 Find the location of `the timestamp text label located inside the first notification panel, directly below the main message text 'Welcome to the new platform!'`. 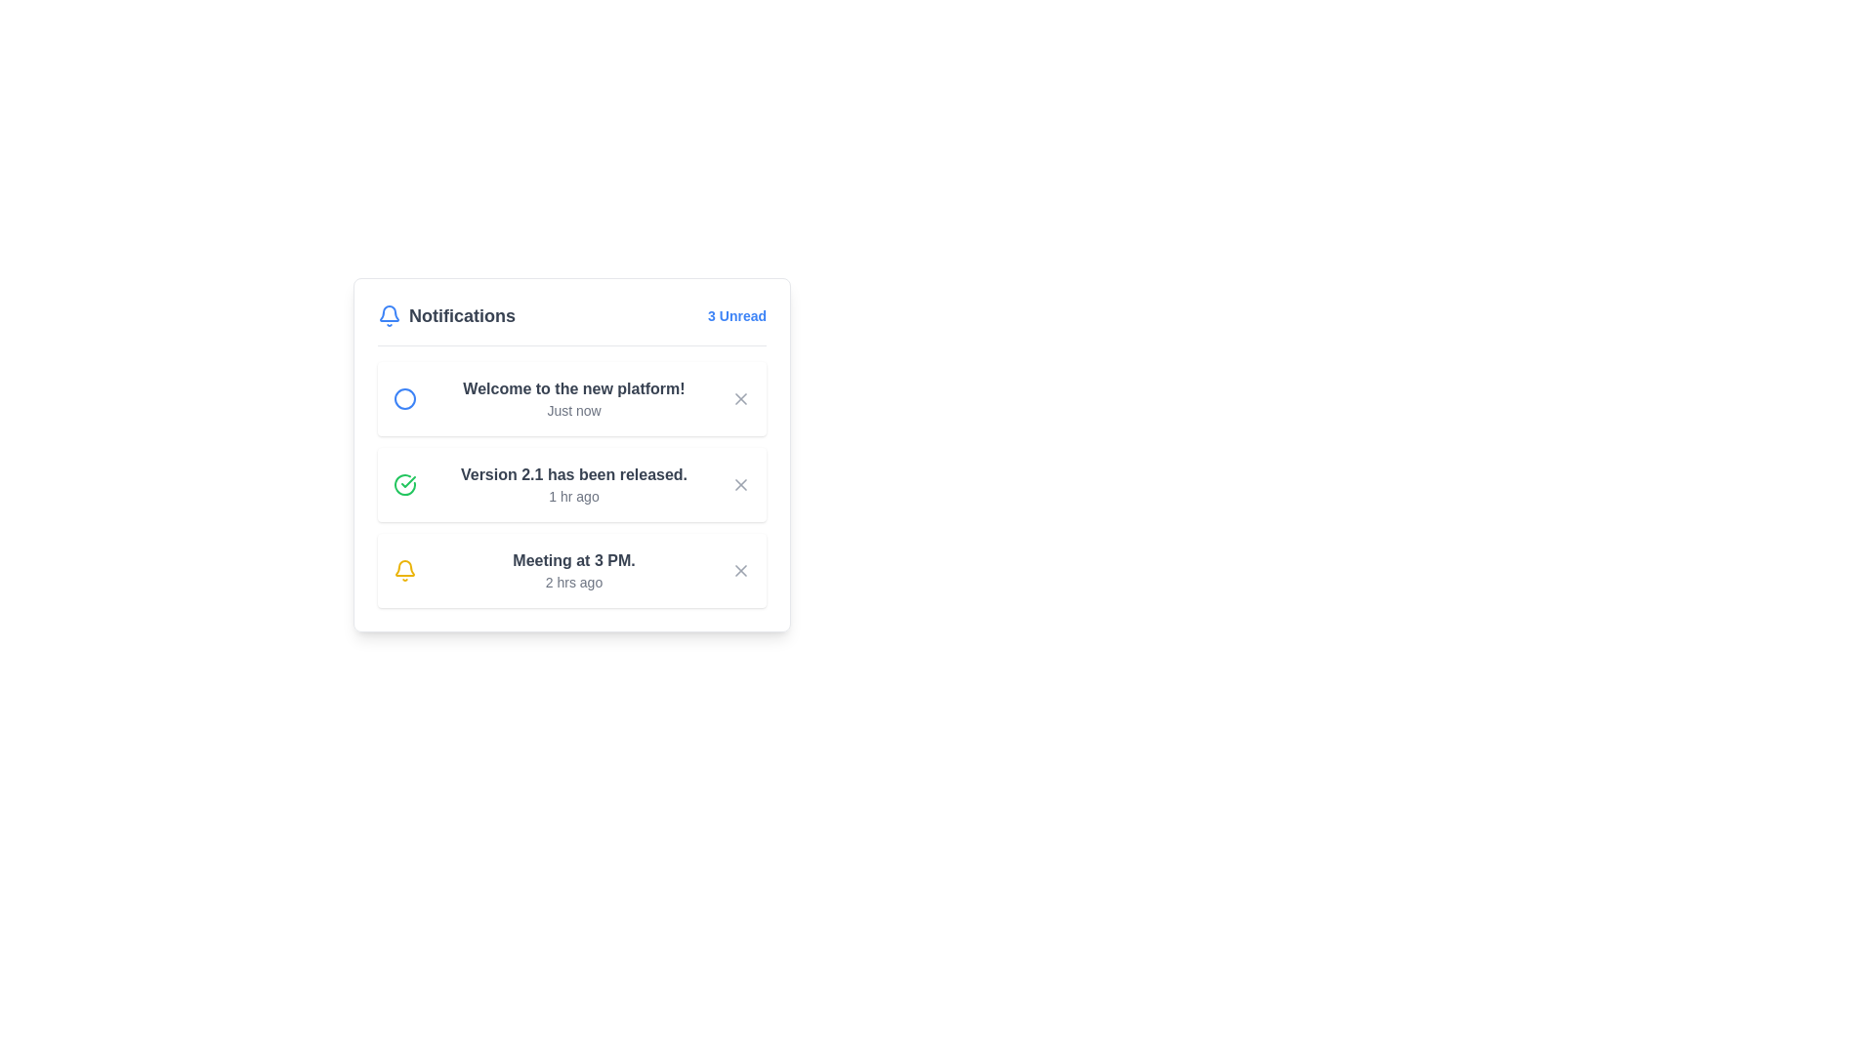

the timestamp text label located inside the first notification panel, directly below the main message text 'Welcome to the new platform!' is located at coordinates (573, 409).